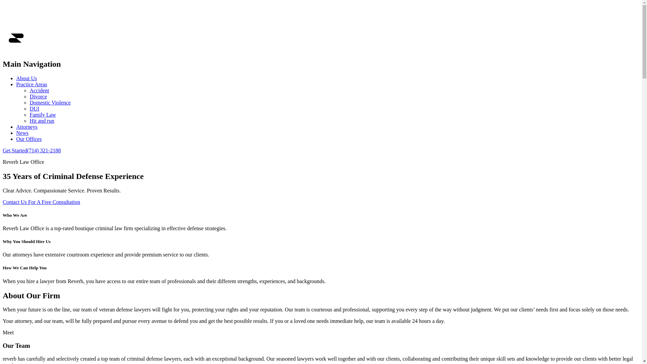 The height and width of the screenshot is (364, 647). What do you see at coordinates (29, 139) in the screenshot?
I see `'Our Offices'` at bounding box center [29, 139].